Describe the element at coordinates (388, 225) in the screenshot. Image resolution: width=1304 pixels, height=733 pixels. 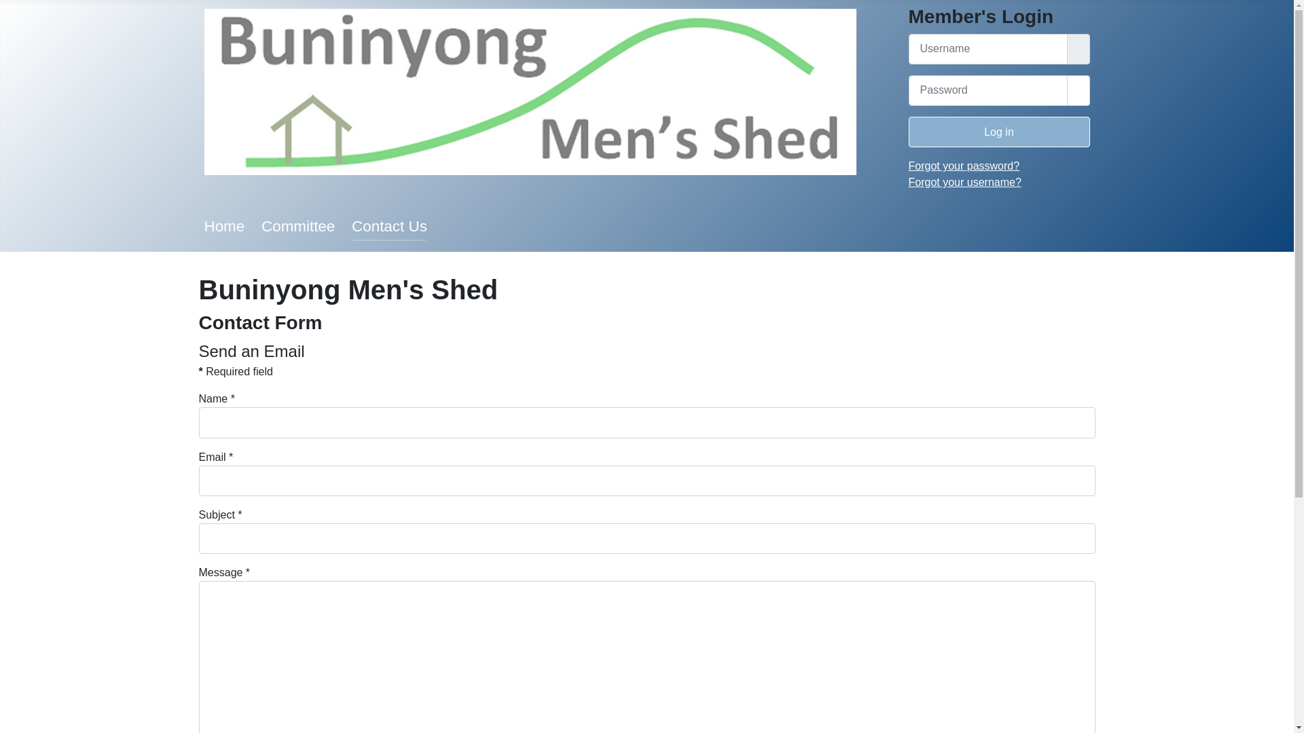
I see `'Contact Us'` at that location.